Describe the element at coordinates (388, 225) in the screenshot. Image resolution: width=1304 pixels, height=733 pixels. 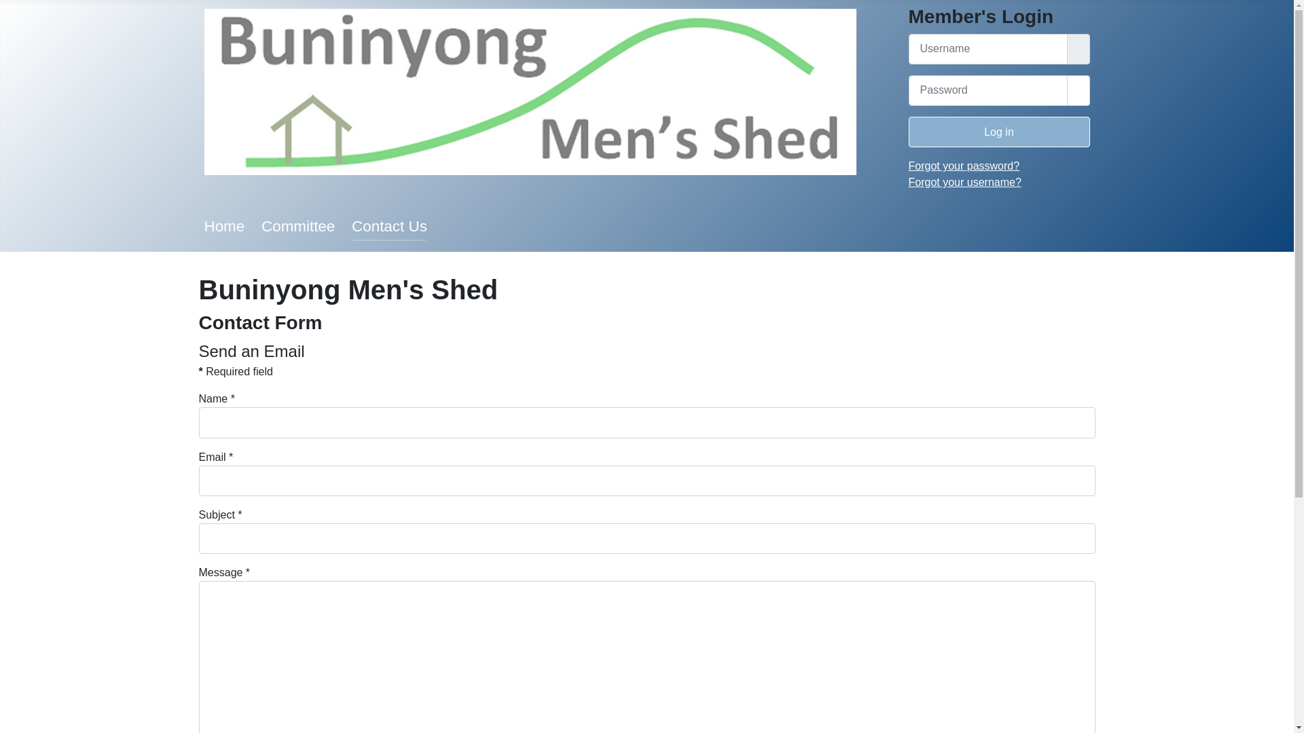
I see `'Contact Us'` at that location.